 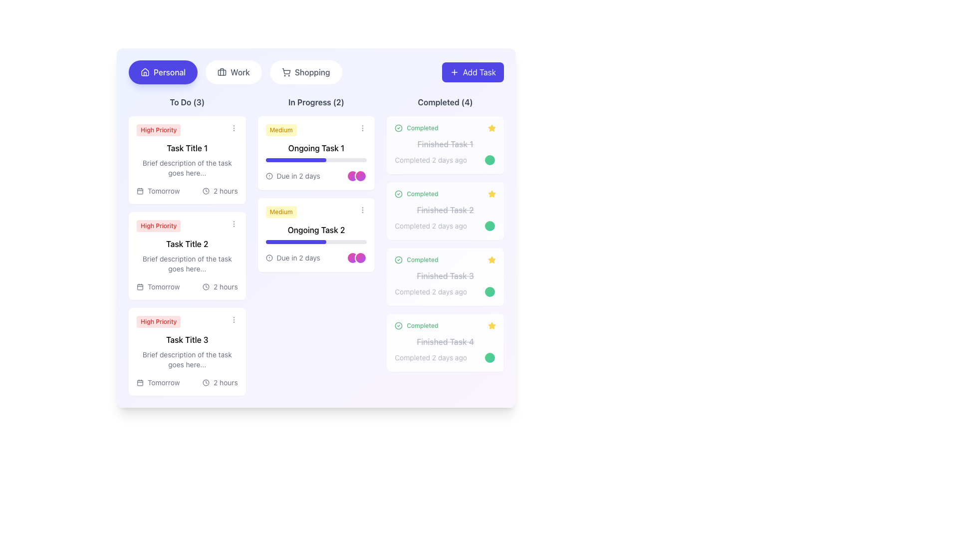 I want to click on the Static Text Label displaying 'Task Title 2' located within the second card of the 'To Do' section under the 'Personal' category, so click(x=187, y=244).